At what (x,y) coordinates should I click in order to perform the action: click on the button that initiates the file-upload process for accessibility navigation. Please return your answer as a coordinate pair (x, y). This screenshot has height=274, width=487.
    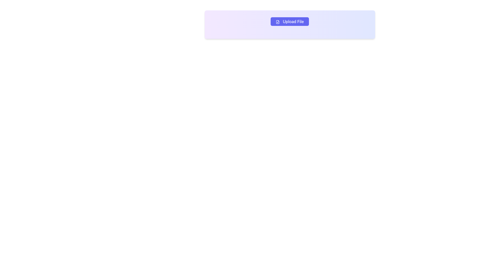
    Looking at the image, I should click on (290, 24).